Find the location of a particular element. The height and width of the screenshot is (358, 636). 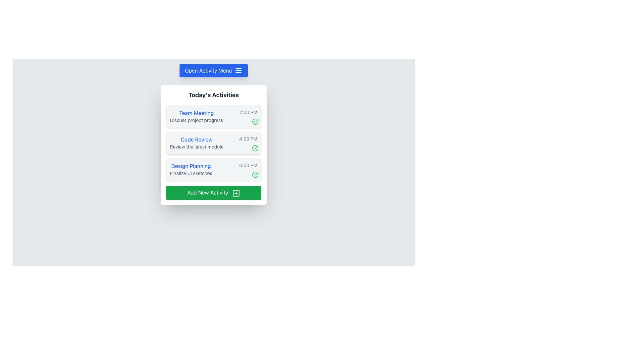

the rightmost portion of the 'Open Activity Menu' button is located at coordinates (238, 70).